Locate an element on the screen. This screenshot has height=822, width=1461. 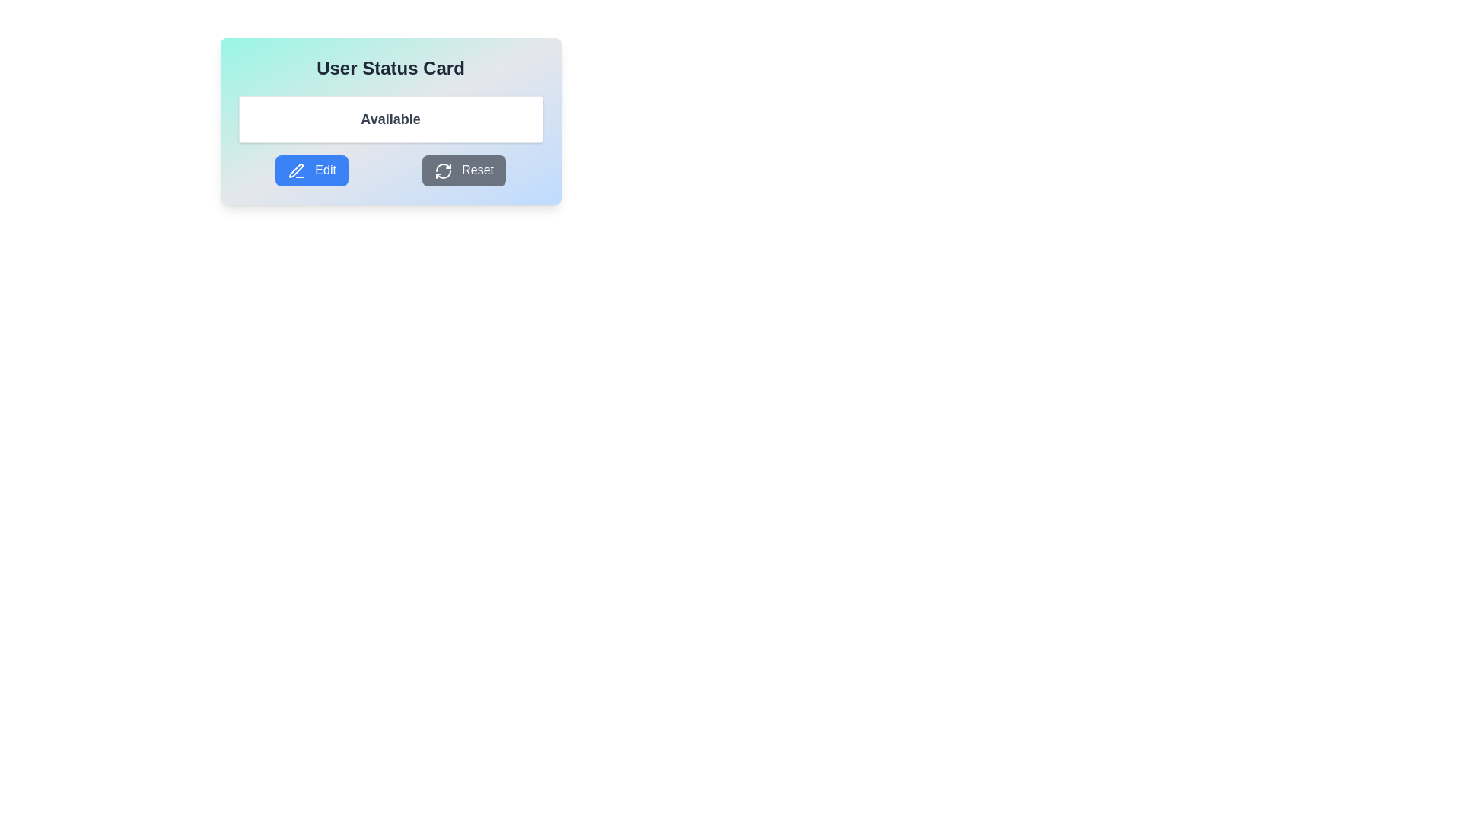
the 'Available' text label, which is displayed in a bold, large font and is centered inside the 'User Status Card' with a gradient background is located at coordinates (390, 119).